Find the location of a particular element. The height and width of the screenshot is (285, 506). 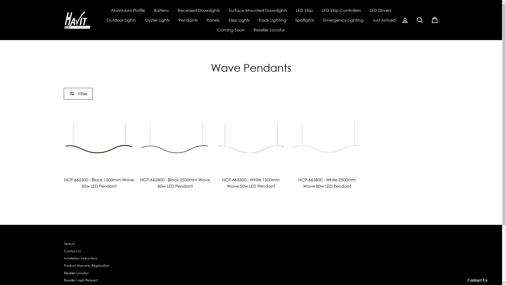

'Pendants' is located at coordinates (188, 20).